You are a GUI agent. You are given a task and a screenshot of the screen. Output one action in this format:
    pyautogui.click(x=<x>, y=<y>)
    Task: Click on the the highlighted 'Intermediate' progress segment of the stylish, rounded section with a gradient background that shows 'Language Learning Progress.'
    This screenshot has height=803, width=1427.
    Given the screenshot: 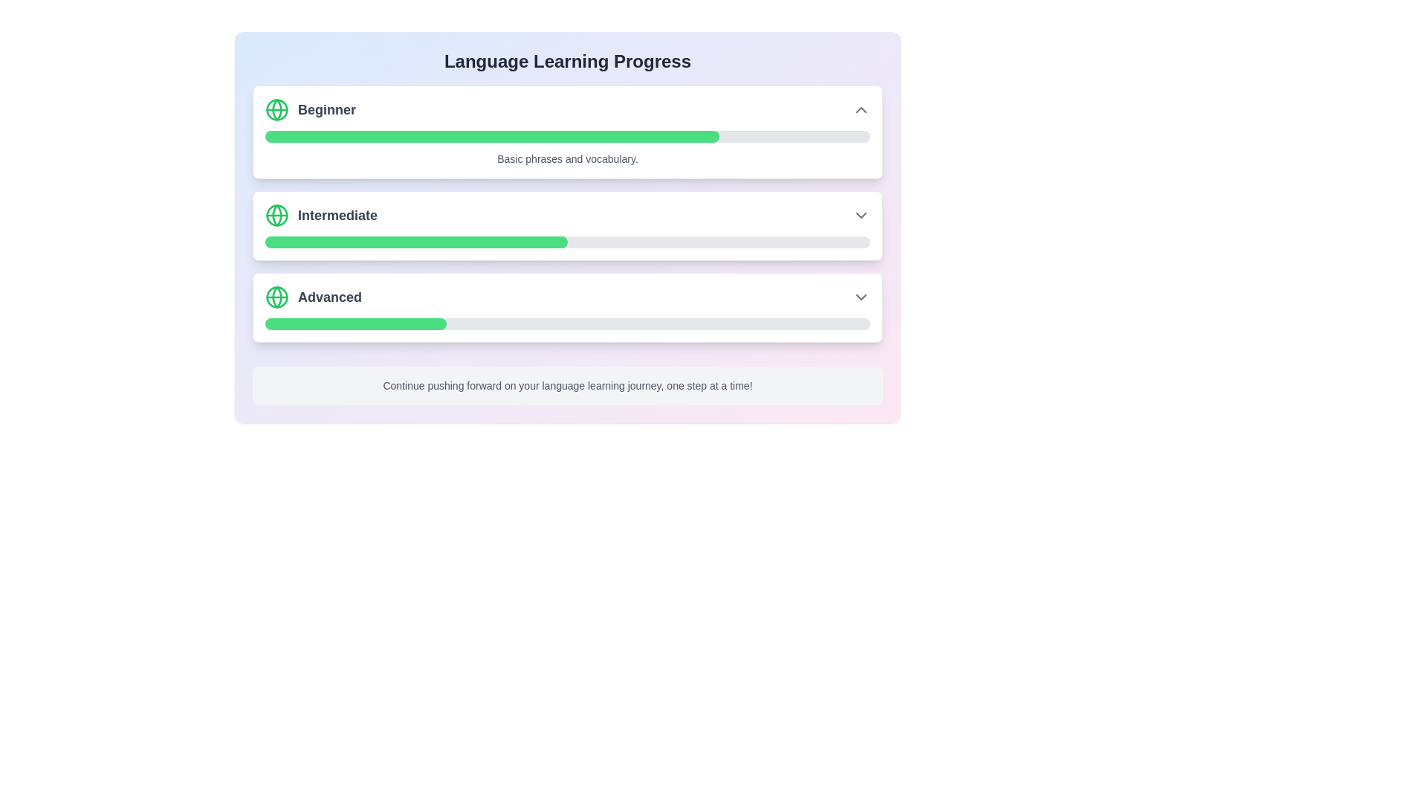 What is the action you would take?
    pyautogui.click(x=566, y=227)
    